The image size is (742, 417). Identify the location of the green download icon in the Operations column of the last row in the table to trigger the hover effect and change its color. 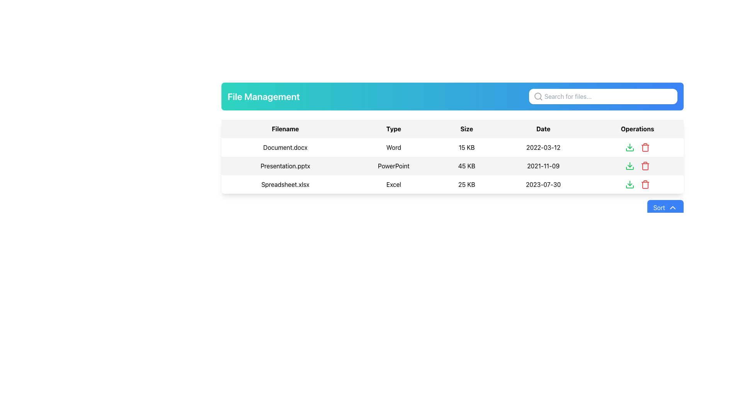
(630, 185).